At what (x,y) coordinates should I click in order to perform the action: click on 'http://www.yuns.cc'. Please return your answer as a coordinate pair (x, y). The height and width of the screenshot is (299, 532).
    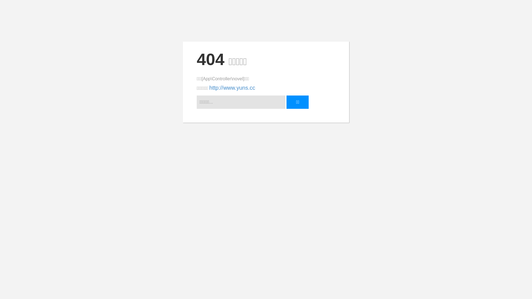
    Looking at the image, I should click on (232, 87).